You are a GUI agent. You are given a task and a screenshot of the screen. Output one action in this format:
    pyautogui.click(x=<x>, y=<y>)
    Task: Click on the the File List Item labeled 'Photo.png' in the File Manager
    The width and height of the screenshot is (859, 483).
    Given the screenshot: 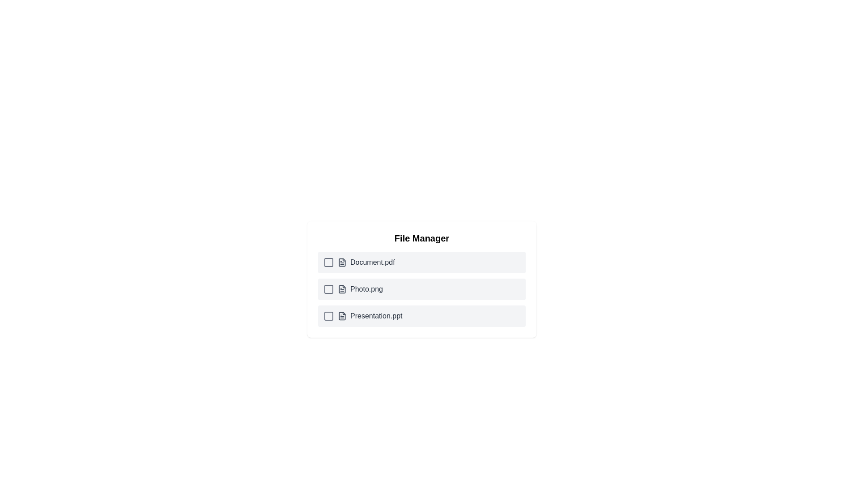 What is the action you would take?
    pyautogui.click(x=353, y=289)
    